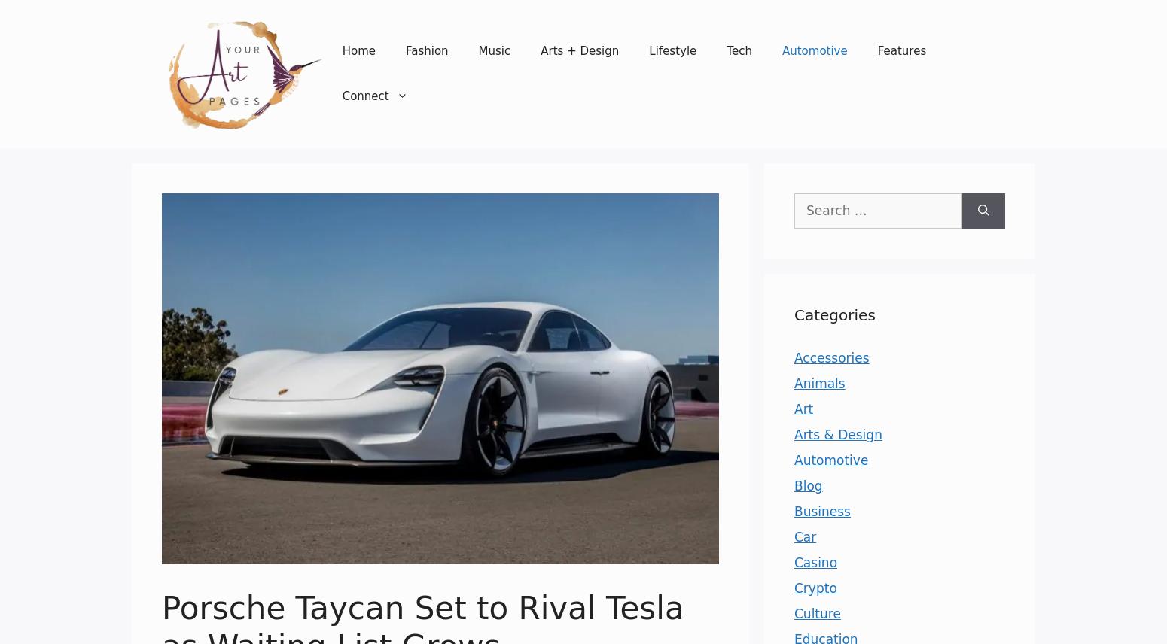  I want to click on 'Crypto', so click(815, 588).